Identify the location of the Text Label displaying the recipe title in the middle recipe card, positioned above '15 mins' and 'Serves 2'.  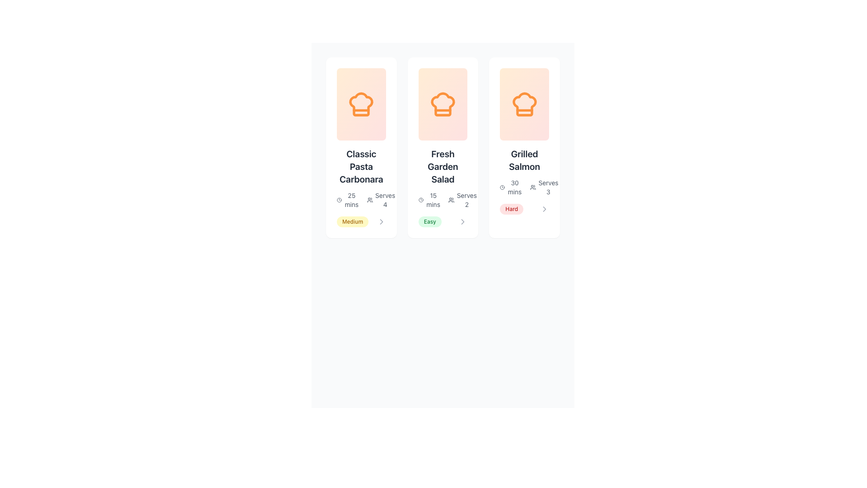
(443, 167).